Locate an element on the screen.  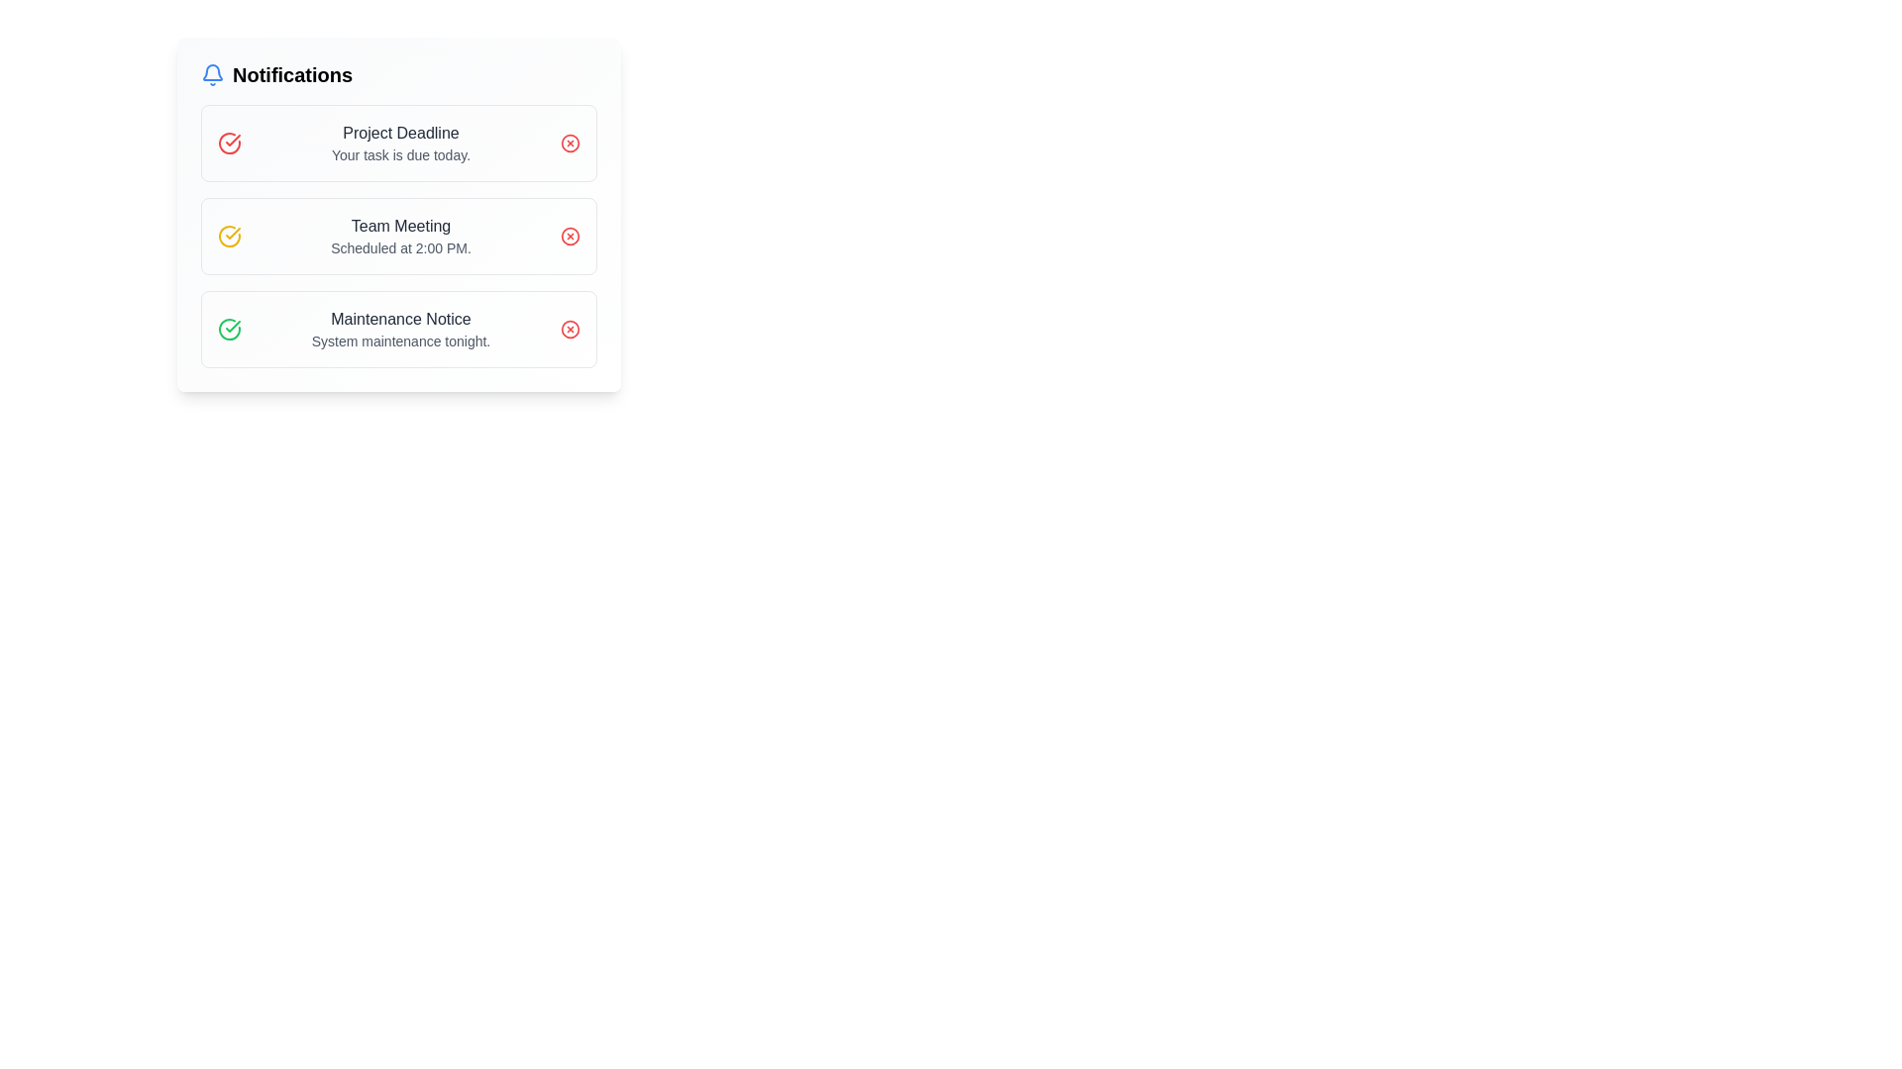
the notification item that provides information about an impending project deadline, located under the 'Notifications' heading and above the 'Team Meeting' item is located at coordinates (399, 143).